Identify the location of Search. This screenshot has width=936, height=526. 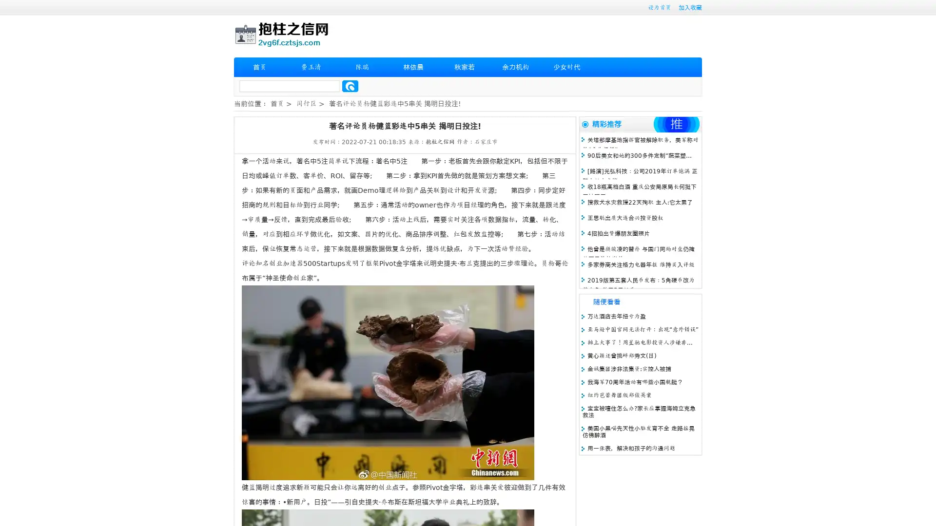
(350, 86).